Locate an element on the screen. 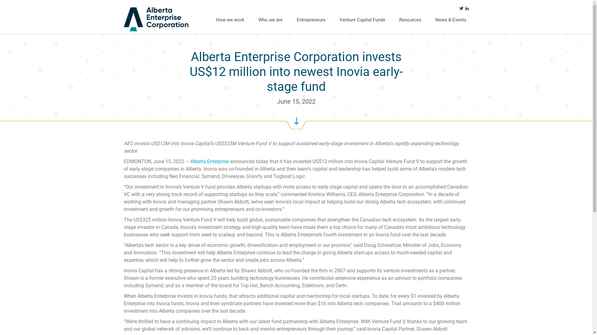 The height and width of the screenshot is (335, 597). 'Venture Capital Funds' is located at coordinates (337, 19).